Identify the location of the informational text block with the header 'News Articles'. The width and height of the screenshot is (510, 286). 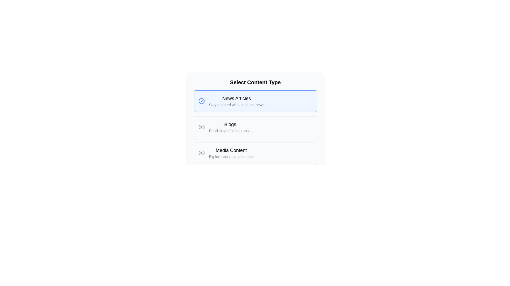
(236, 101).